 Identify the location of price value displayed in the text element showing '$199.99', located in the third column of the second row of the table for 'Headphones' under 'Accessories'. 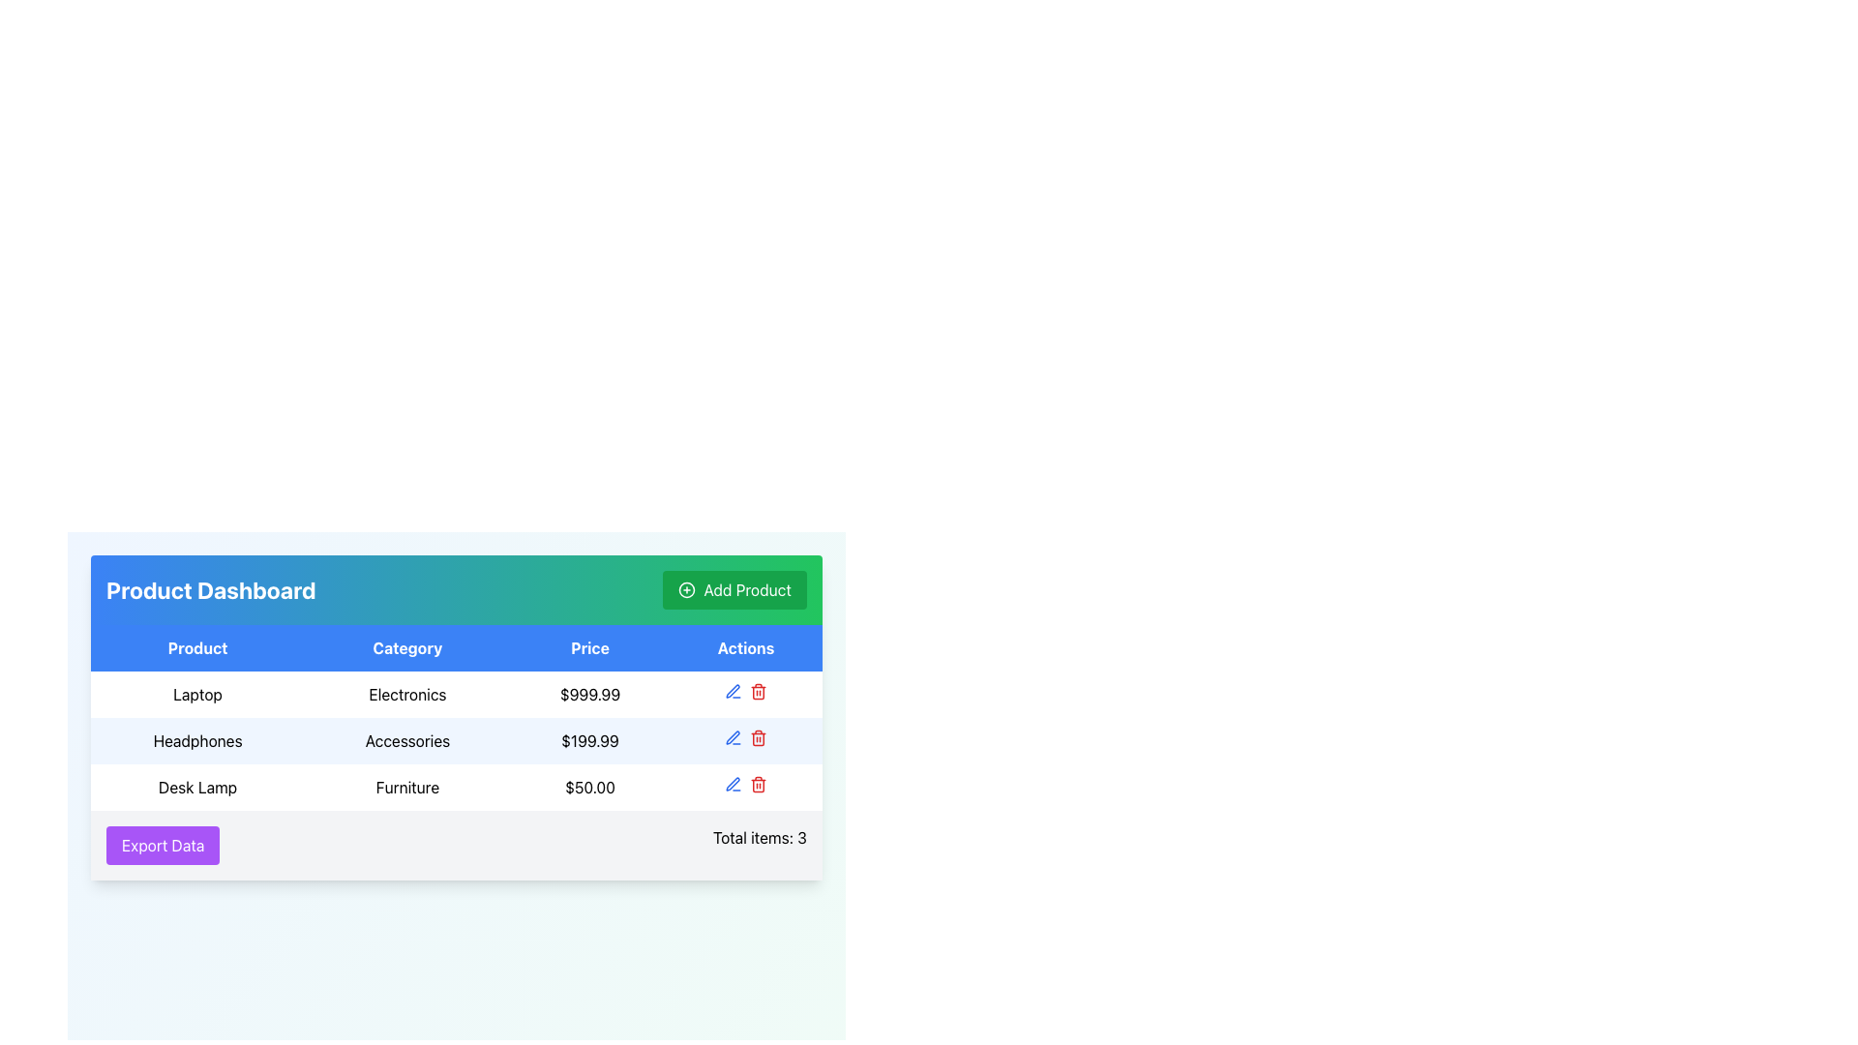
(588, 740).